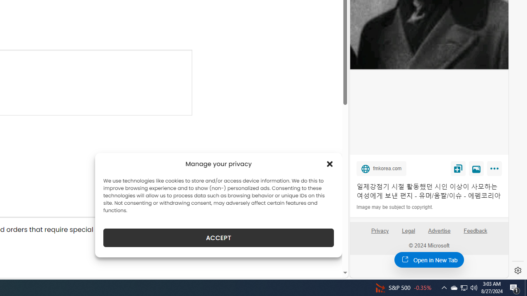 This screenshot has height=296, width=527. What do you see at coordinates (219, 238) in the screenshot?
I see `'ACCEPT'` at bounding box center [219, 238].